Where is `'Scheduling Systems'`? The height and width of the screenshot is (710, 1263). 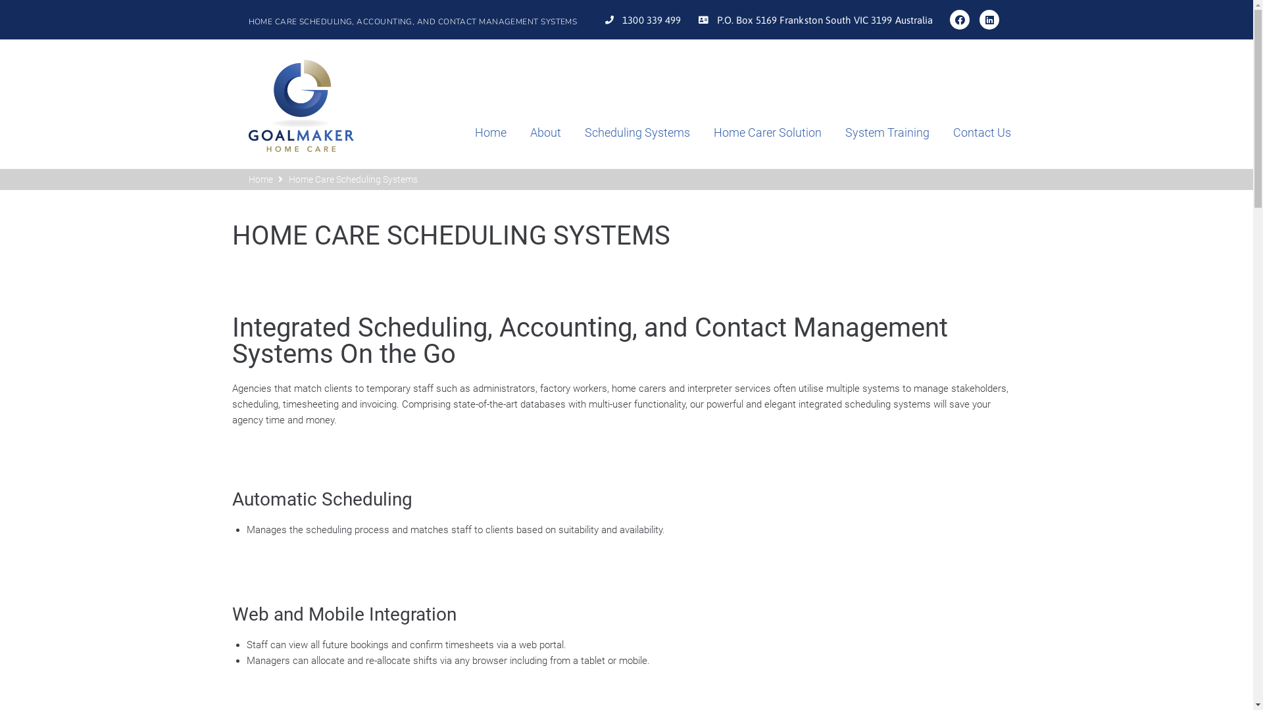 'Scheduling Systems' is located at coordinates (624, 133).